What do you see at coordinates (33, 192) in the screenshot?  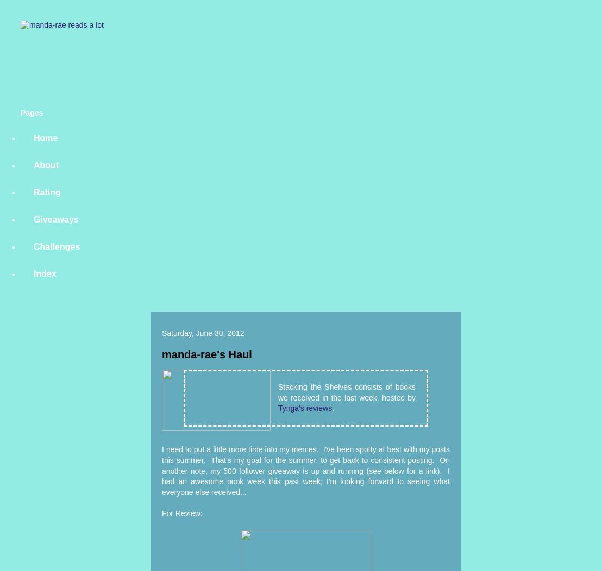 I see `'Rating'` at bounding box center [33, 192].